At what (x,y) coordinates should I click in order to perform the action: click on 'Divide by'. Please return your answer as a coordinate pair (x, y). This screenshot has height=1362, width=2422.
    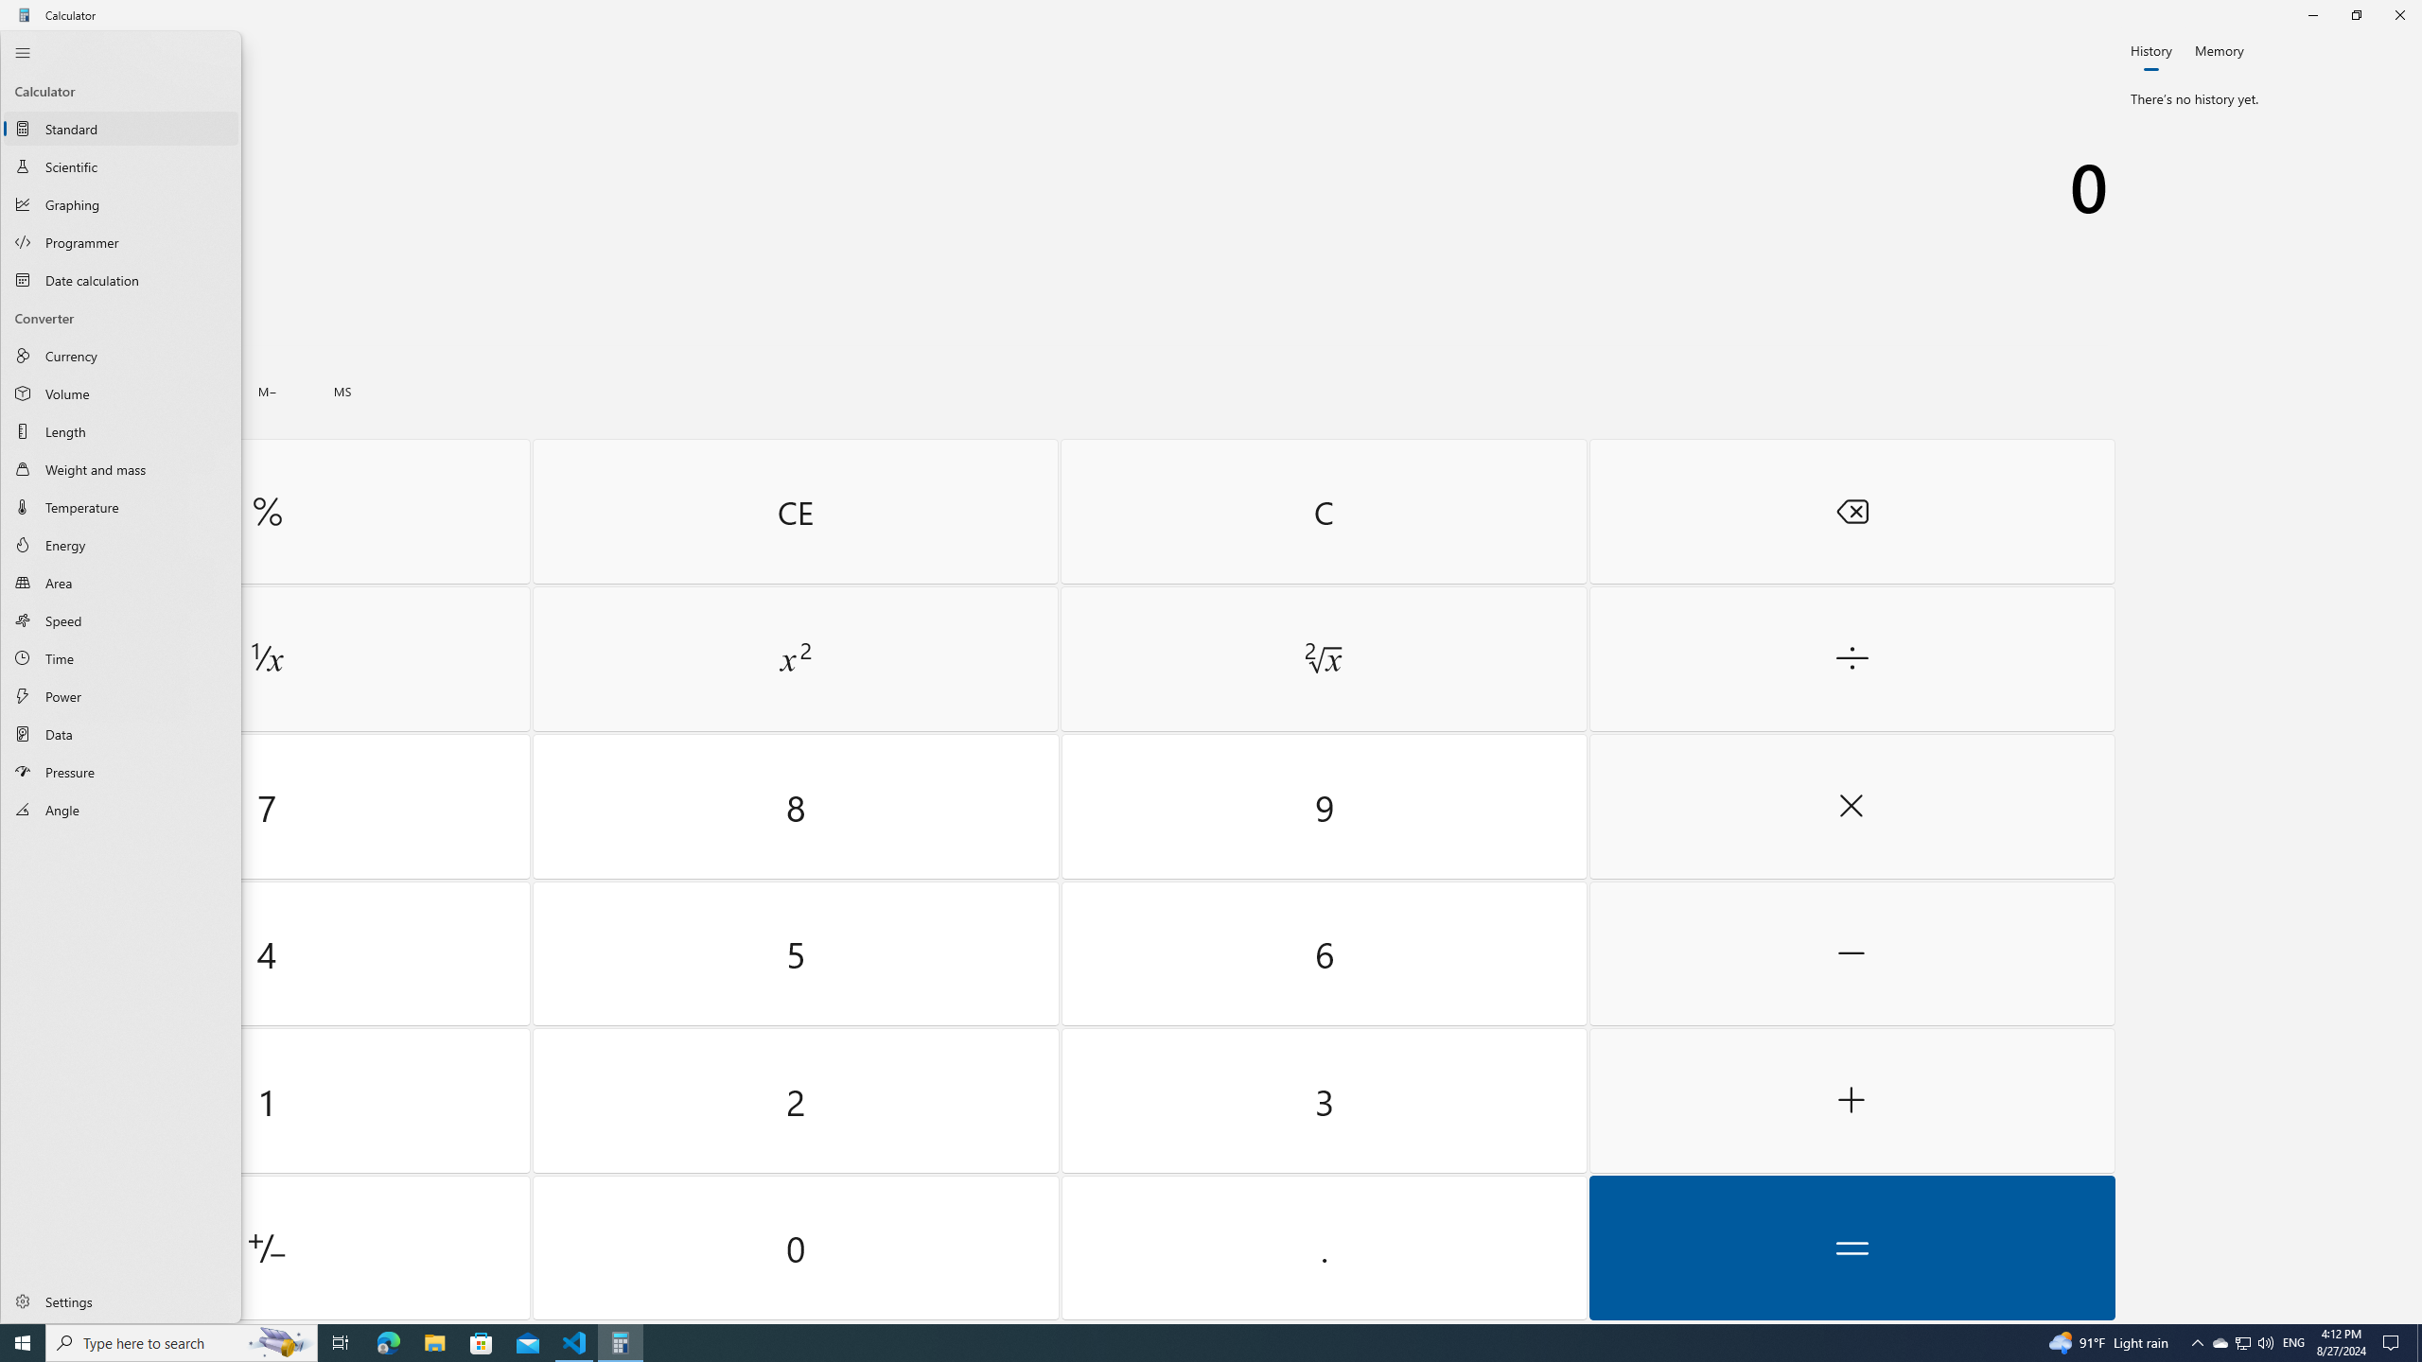
    Looking at the image, I should click on (1851, 659).